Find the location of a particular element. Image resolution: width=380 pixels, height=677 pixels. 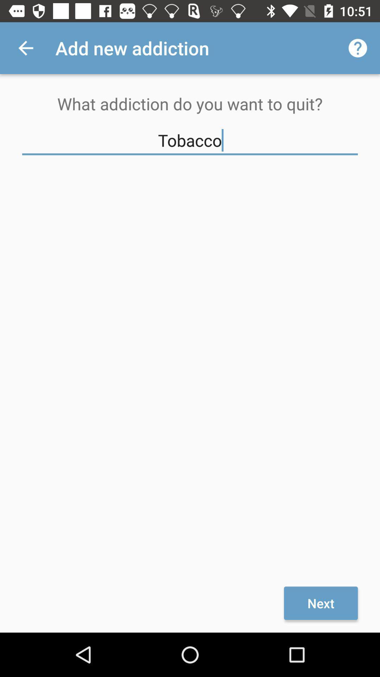

item at the top right corner is located at coordinates (358, 48).